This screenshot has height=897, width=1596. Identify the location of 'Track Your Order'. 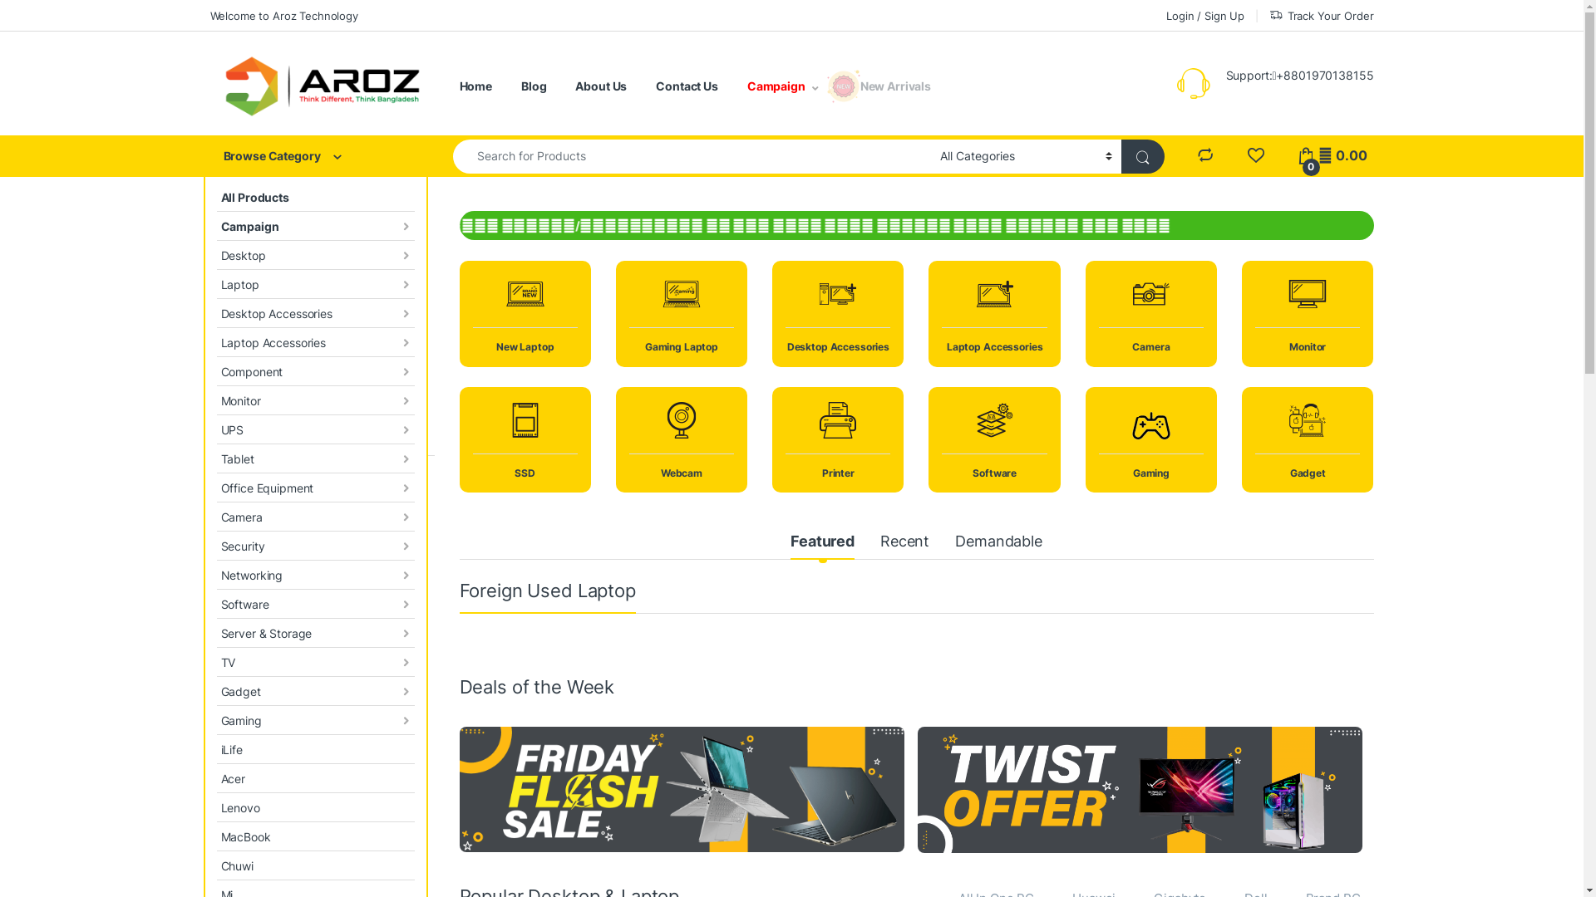
(1268, 15).